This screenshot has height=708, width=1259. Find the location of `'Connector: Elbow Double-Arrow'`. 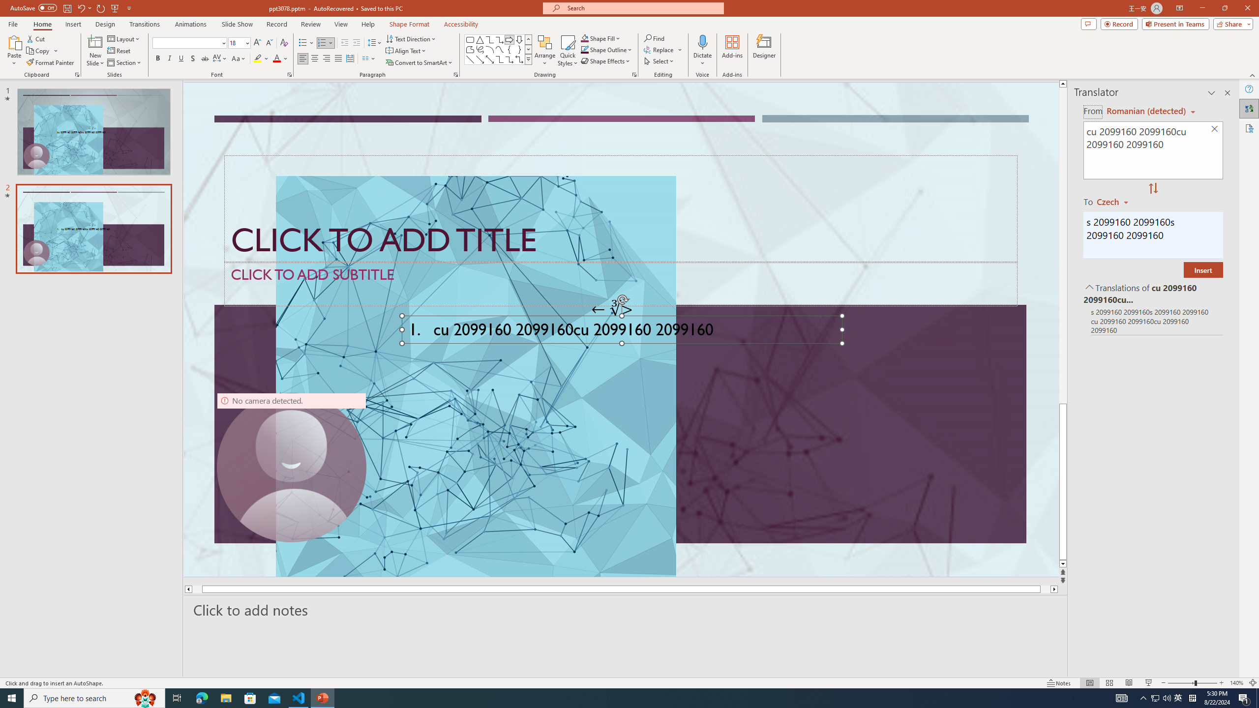

'Connector: Elbow Double-Arrow' is located at coordinates (519, 59).